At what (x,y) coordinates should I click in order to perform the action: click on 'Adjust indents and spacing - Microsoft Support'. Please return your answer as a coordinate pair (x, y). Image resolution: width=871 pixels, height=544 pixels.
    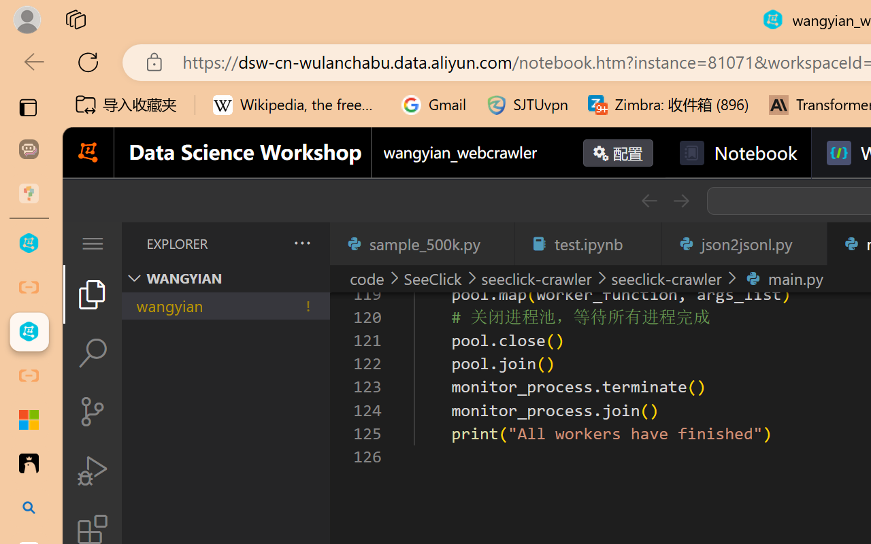
    Looking at the image, I should click on (29, 420).